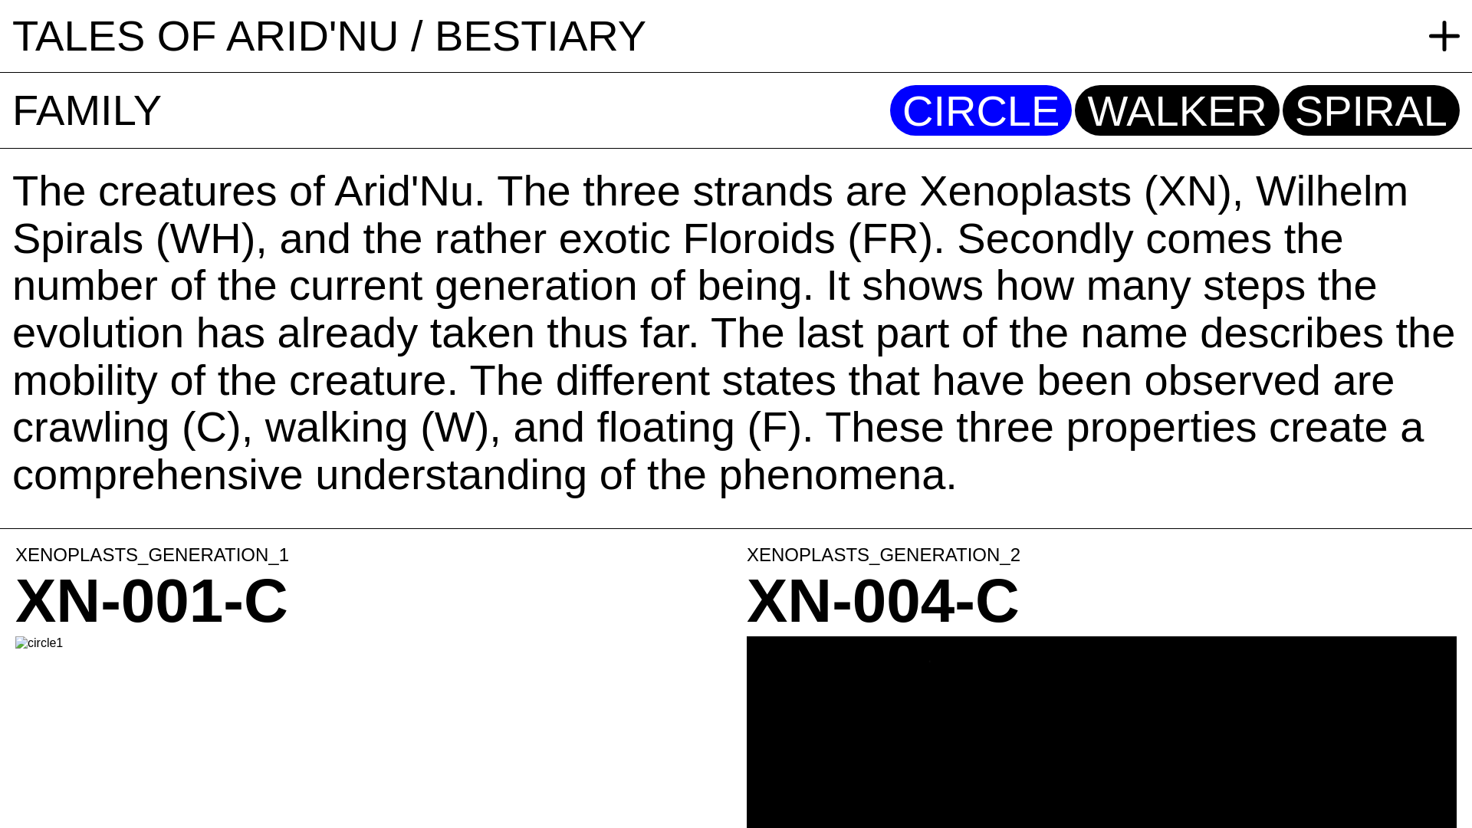 The height and width of the screenshot is (828, 1472). I want to click on 'SPIRAL', so click(1371, 110).